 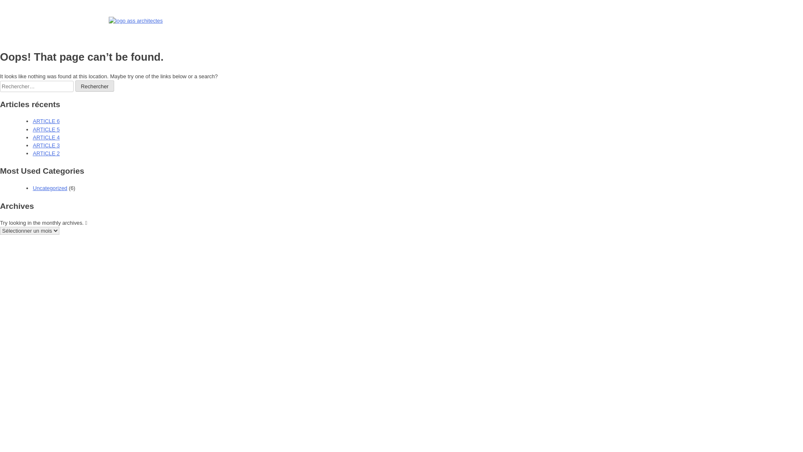 What do you see at coordinates (75, 86) in the screenshot?
I see `'Rechercher'` at bounding box center [75, 86].